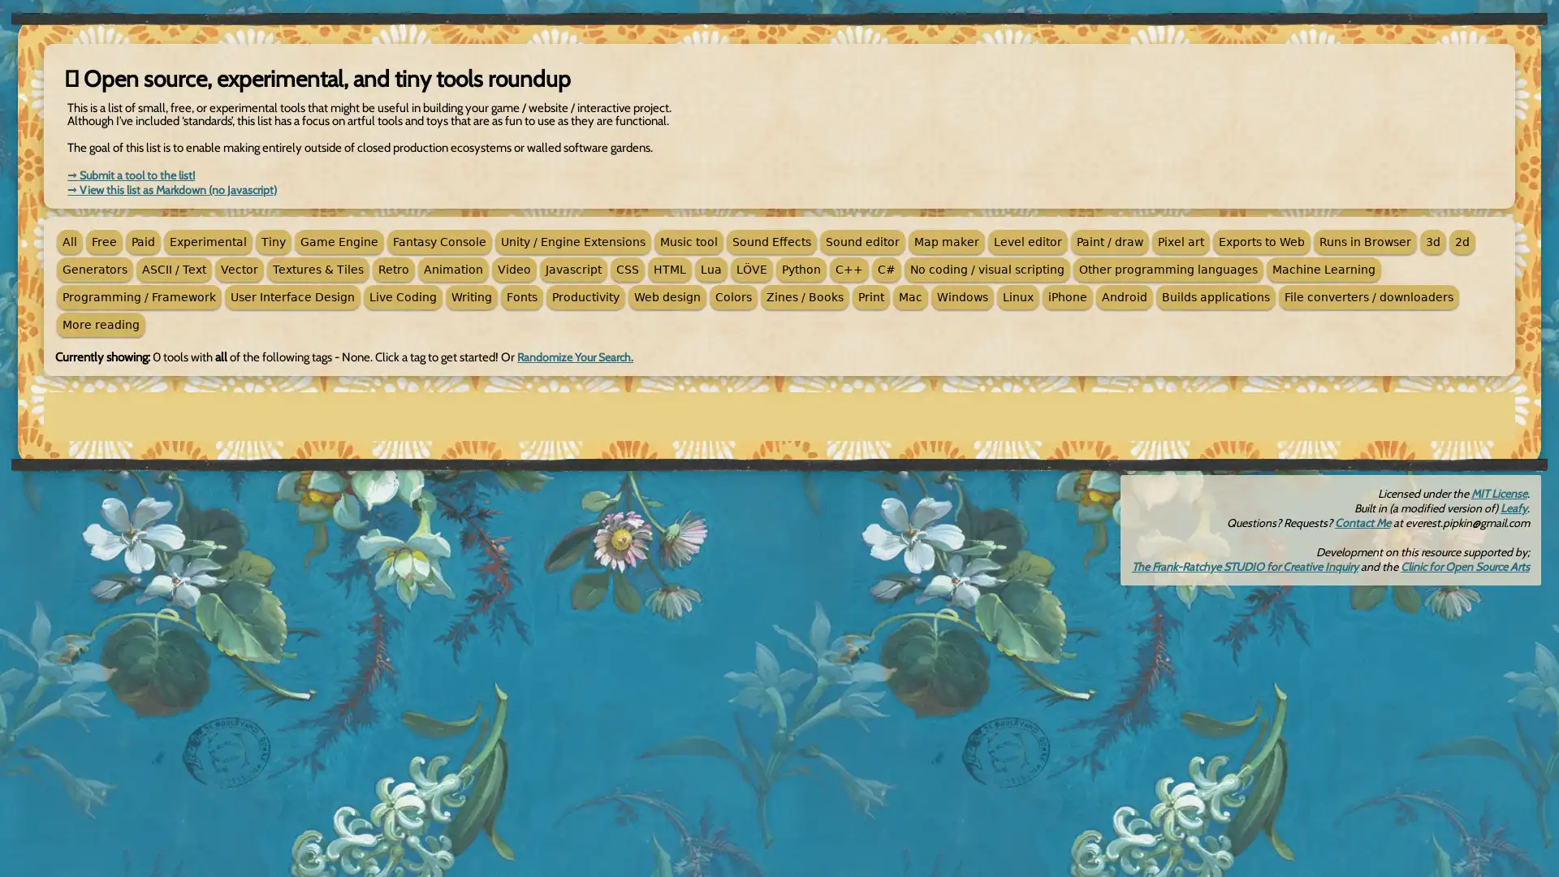  What do you see at coordinates (238, 268) in the screenshot?
I see `Vector` at bounding box center [238, 268].